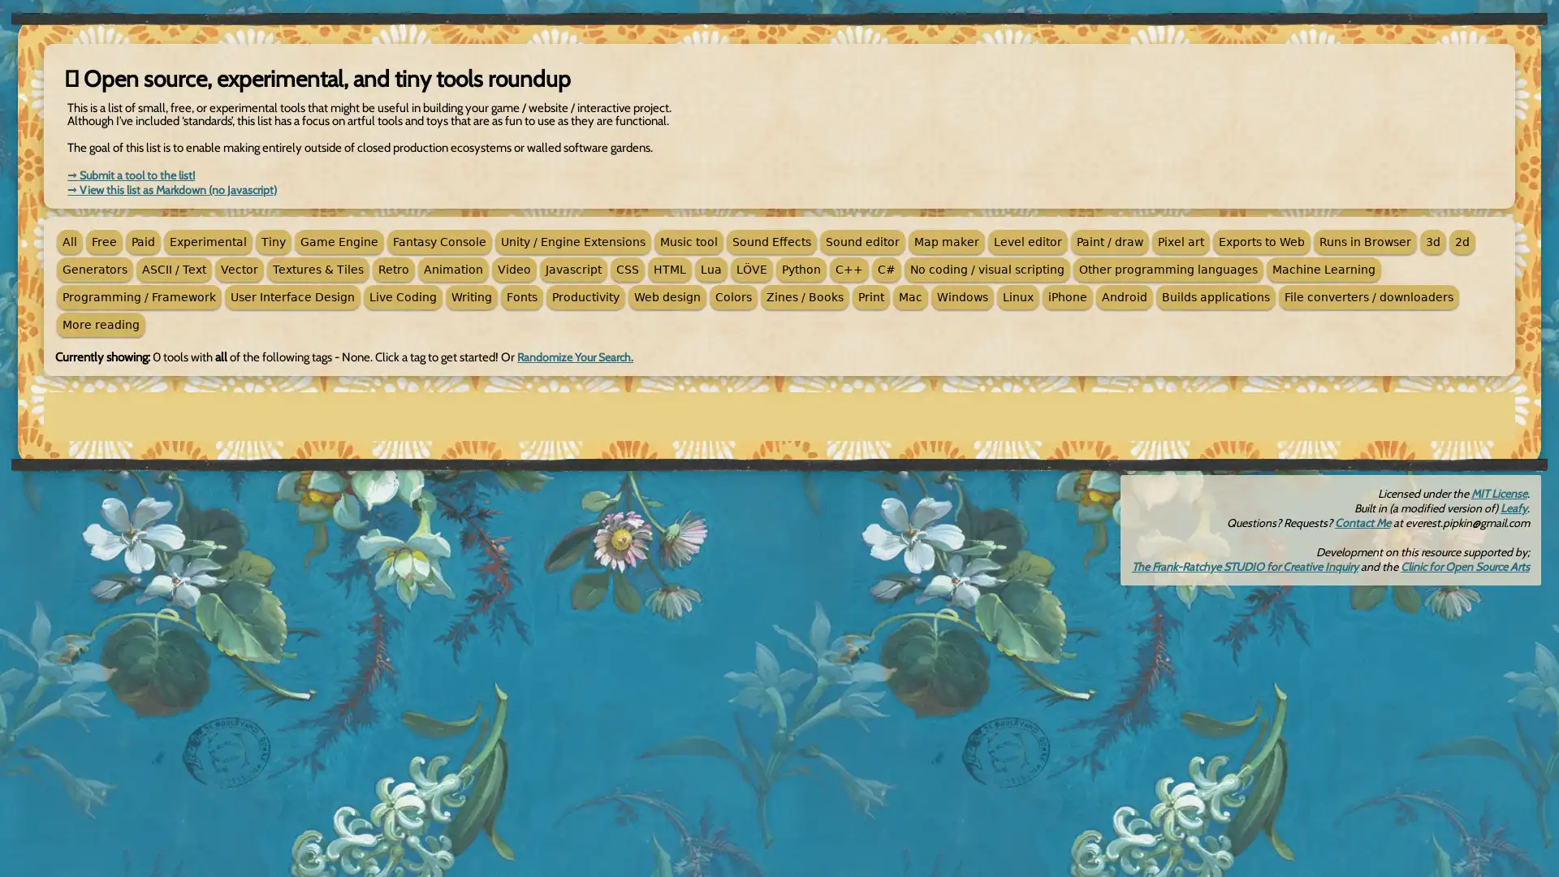  What do you see at coordinates (238, 268) in the screenshot?
I see `Vector` at bounding box center [238, 268].